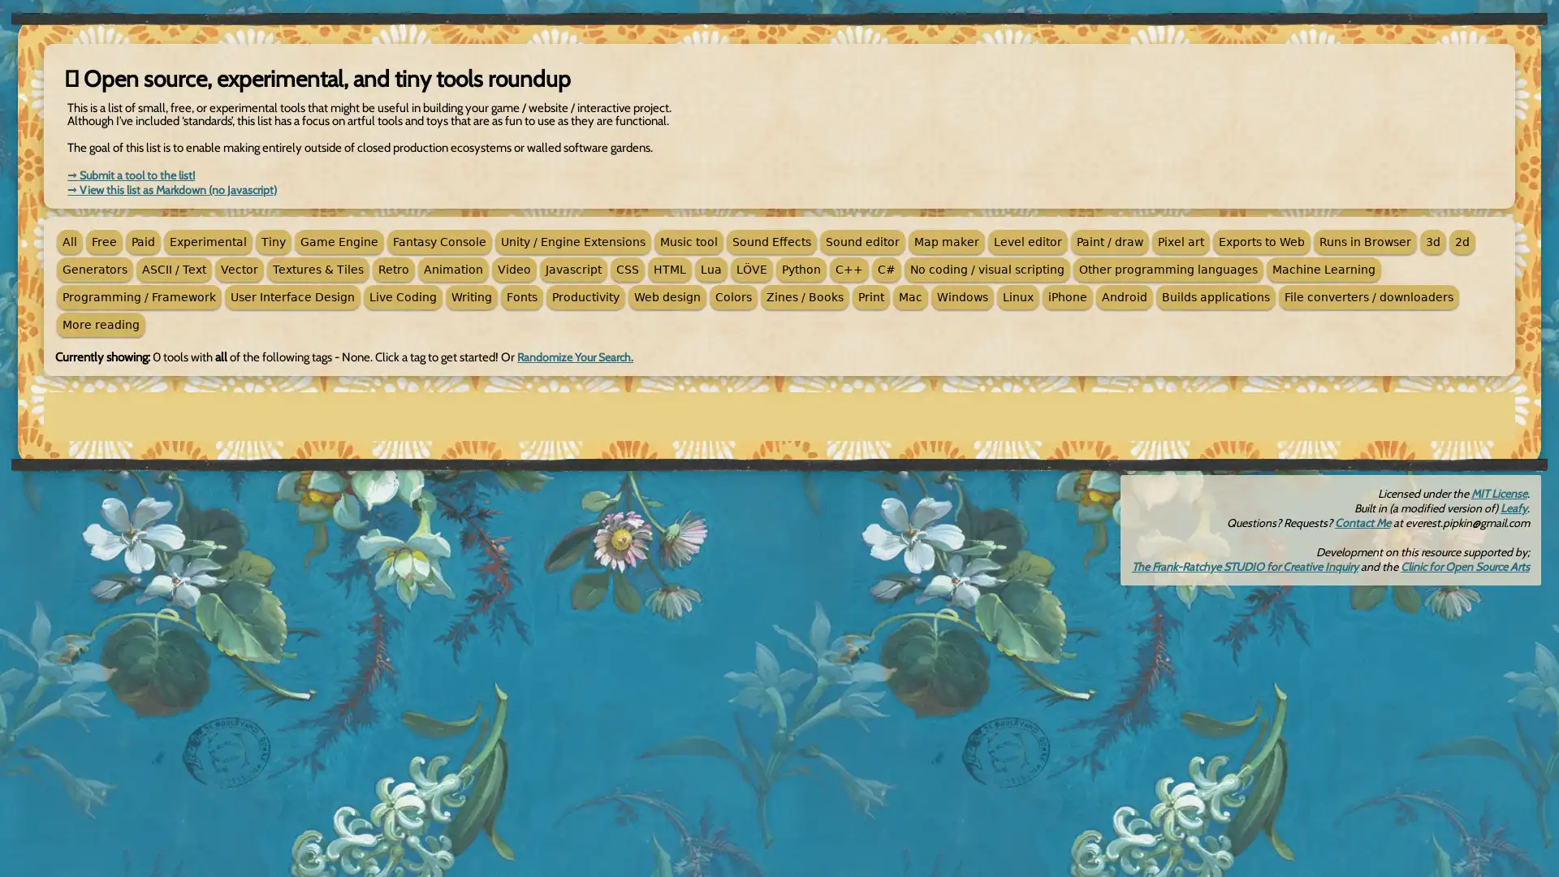  What do you see at coordinates (238, 268) in the screenshot?
I see `Vector` at bounding box center [238, 268].